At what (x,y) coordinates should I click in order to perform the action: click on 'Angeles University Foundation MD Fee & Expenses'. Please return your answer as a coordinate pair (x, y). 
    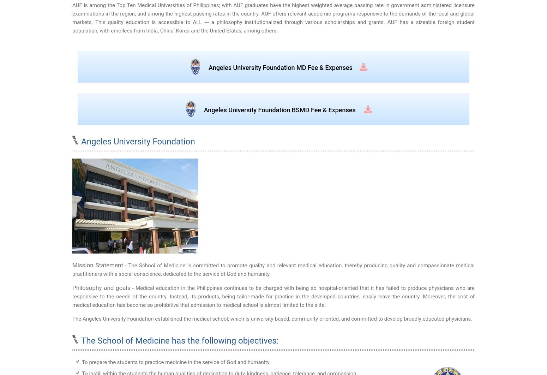
    Looking at the image, I should click on (280, 67).